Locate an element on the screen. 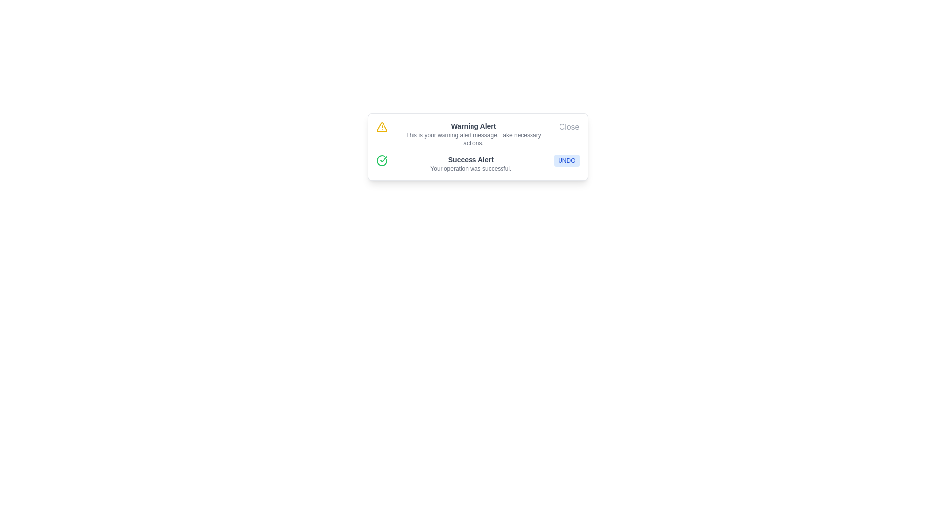  text label displaying 'Success Alert' which is positioned in the alert panel above the descriptive line of text is located at coordinates (470, 159).